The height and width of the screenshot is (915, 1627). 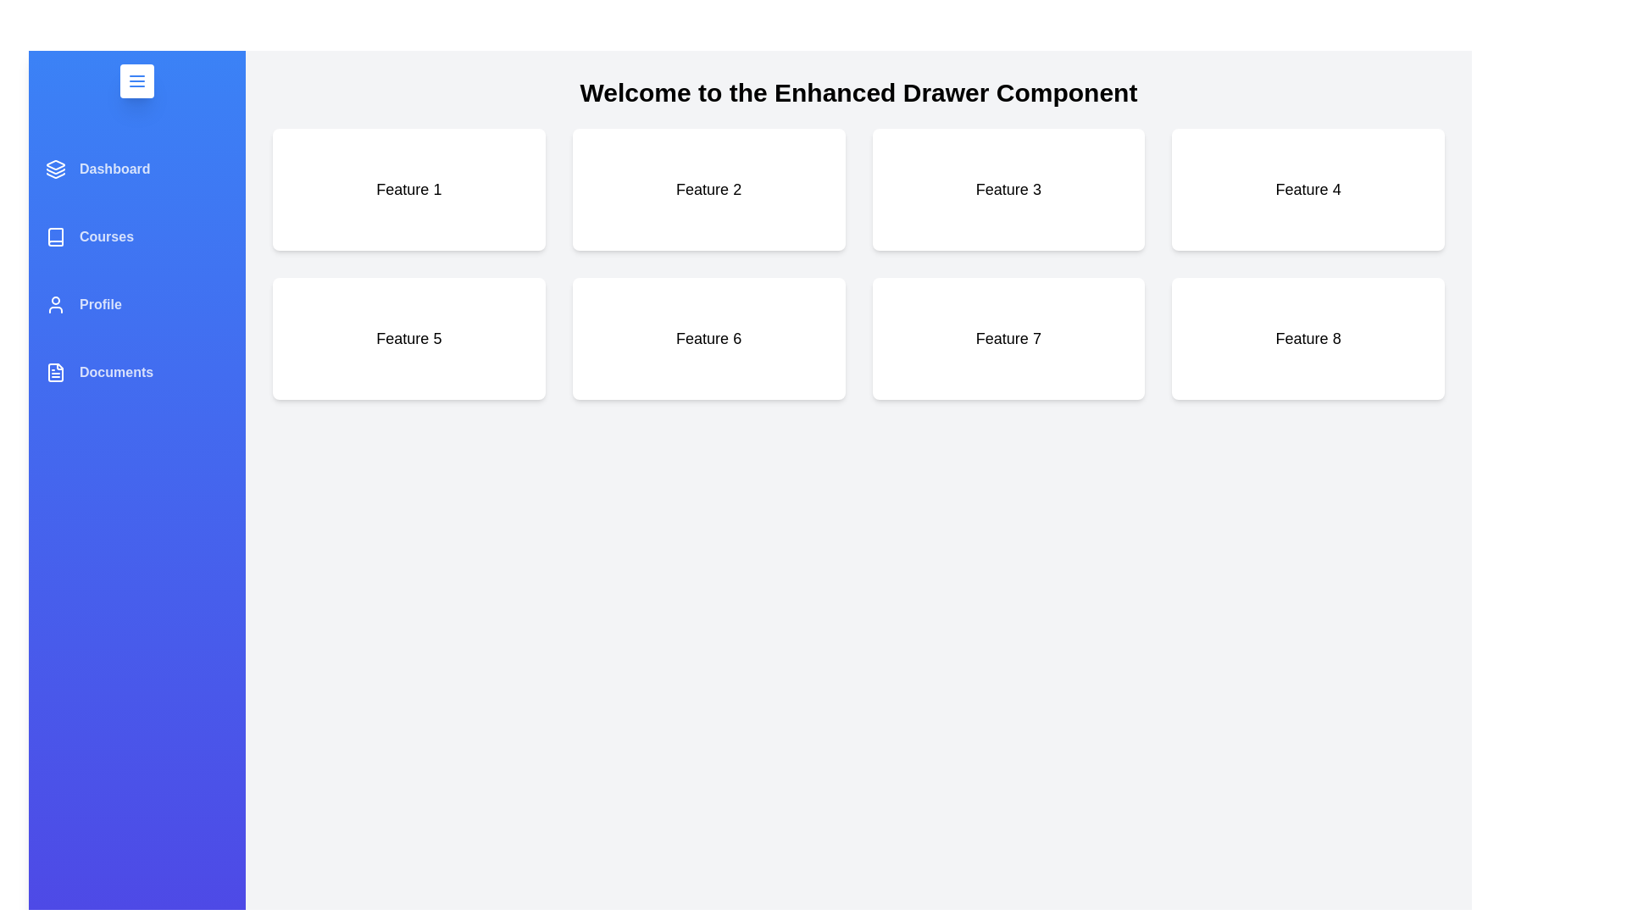 What do you see at coordinates (137, 371) in the screenshot?
I see `the menu item Documents to reveal its hover effect` at bounding box center [137, 371].